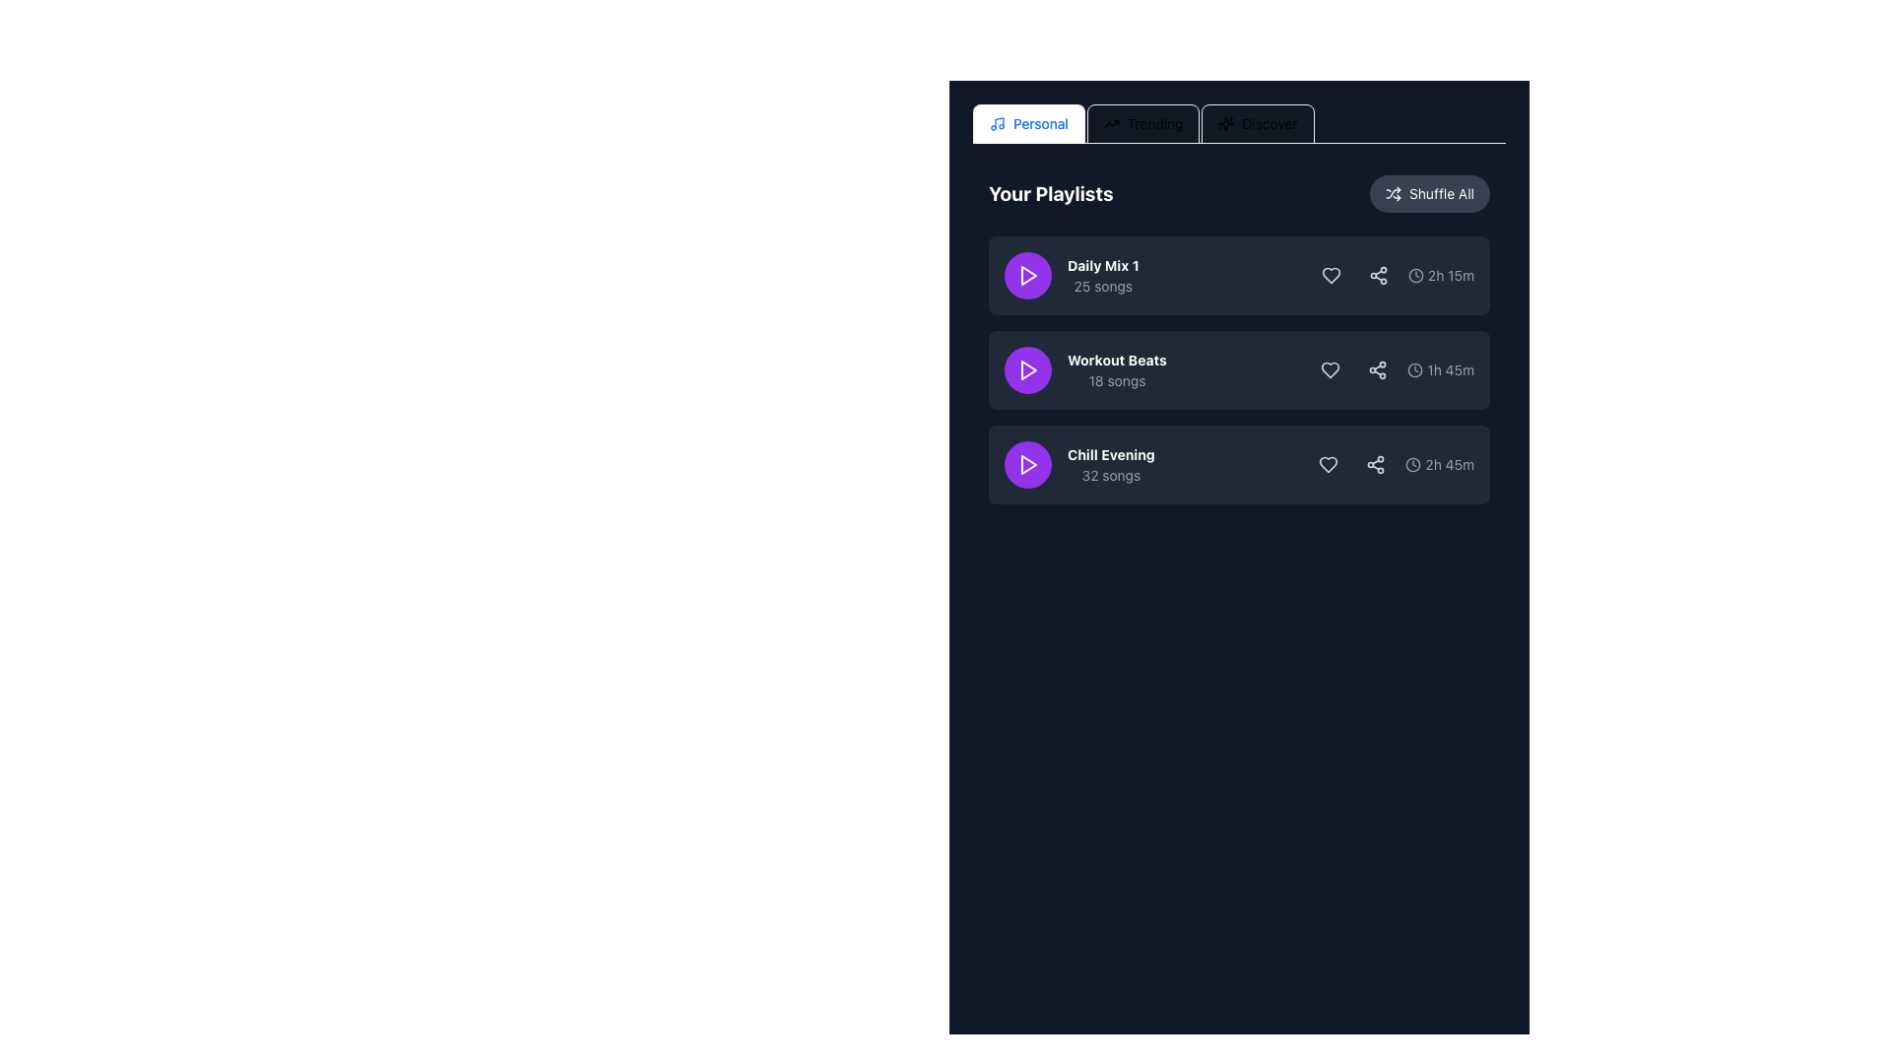  Describe the element at coordinates (1103, 276) in the screenshot. I see `the text labels 'Daily Mix 1' and '25 songs' located in the 'Your Playlists' section, which is positioned to the right of a circular purple play button` at that location.